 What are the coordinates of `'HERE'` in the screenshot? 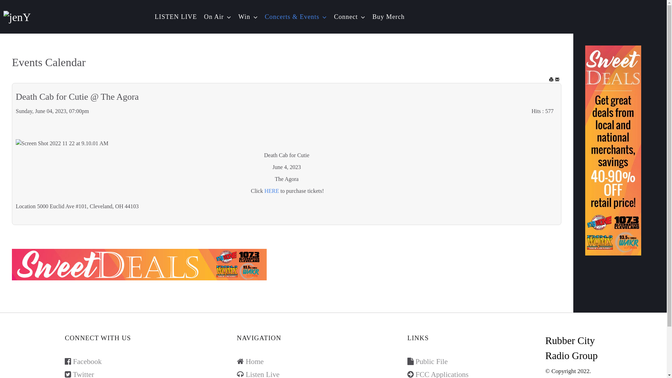 It's located at (264, 191).